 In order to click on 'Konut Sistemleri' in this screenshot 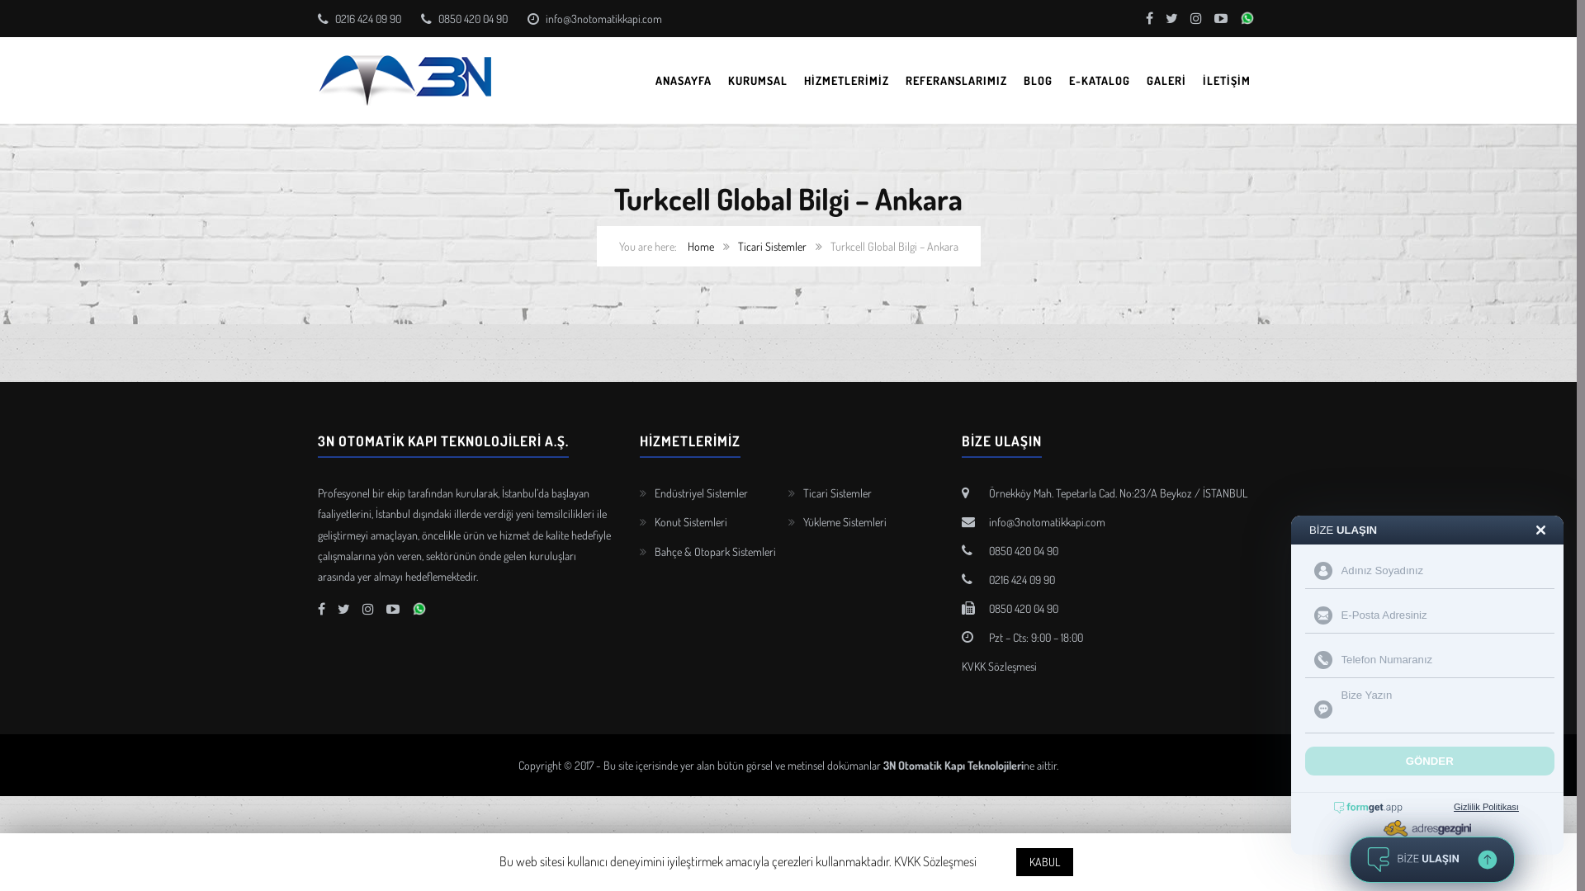, I will do `click(690, 521)`.